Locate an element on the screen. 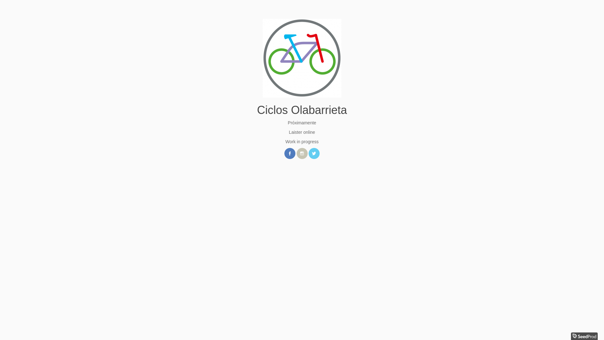 This screenshot has height=340, width=604. 'Twitter' is located at coordinates (314, 153).